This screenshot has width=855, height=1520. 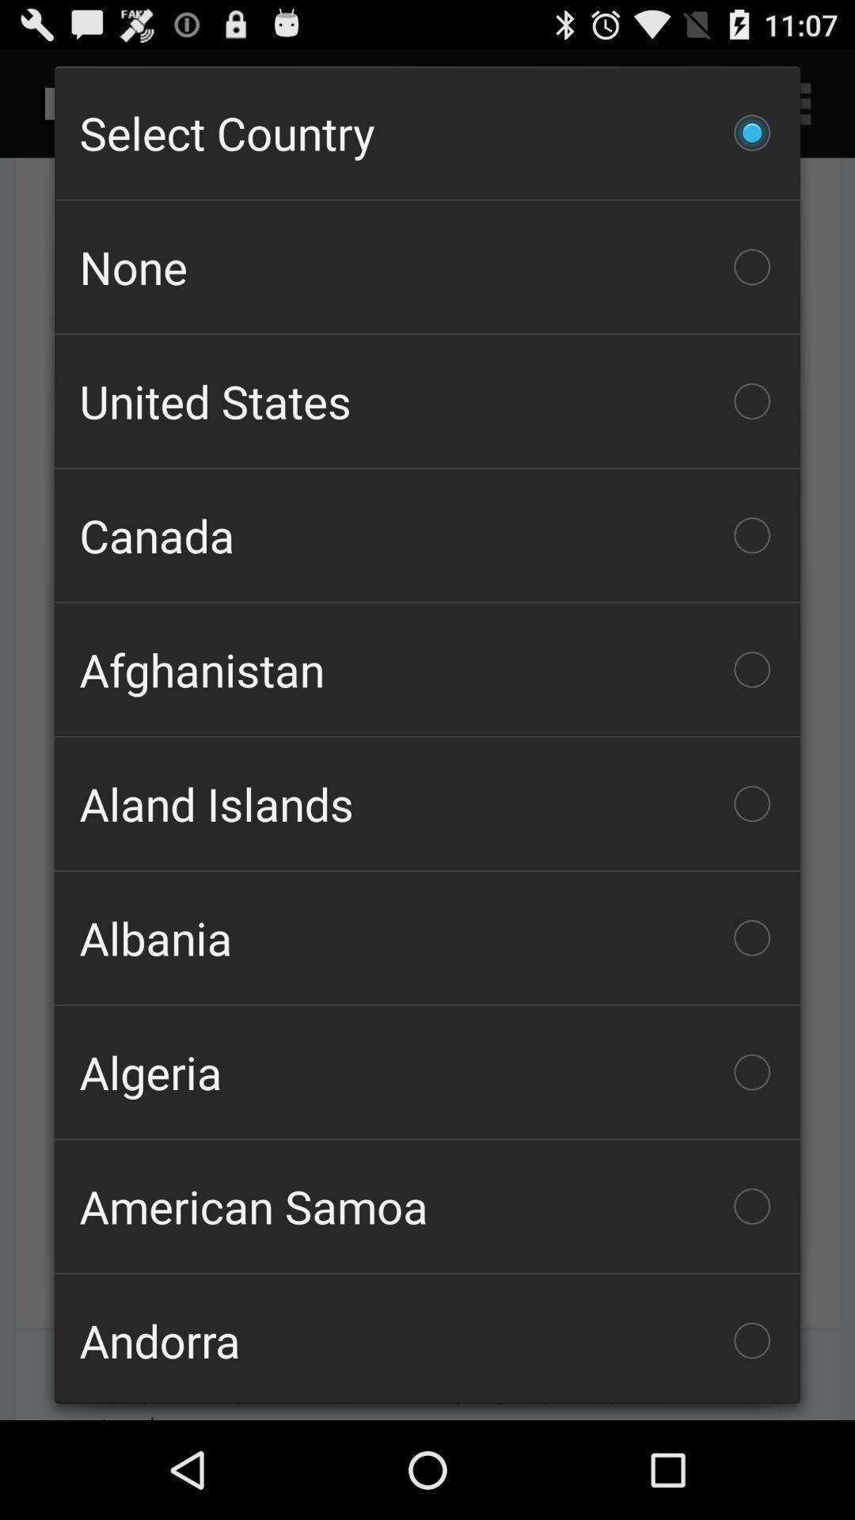 What do you see at coordinates (427, 1205) in the screenshot?
I see `the item above the andorra icon` at bounding box center [427, 1205].